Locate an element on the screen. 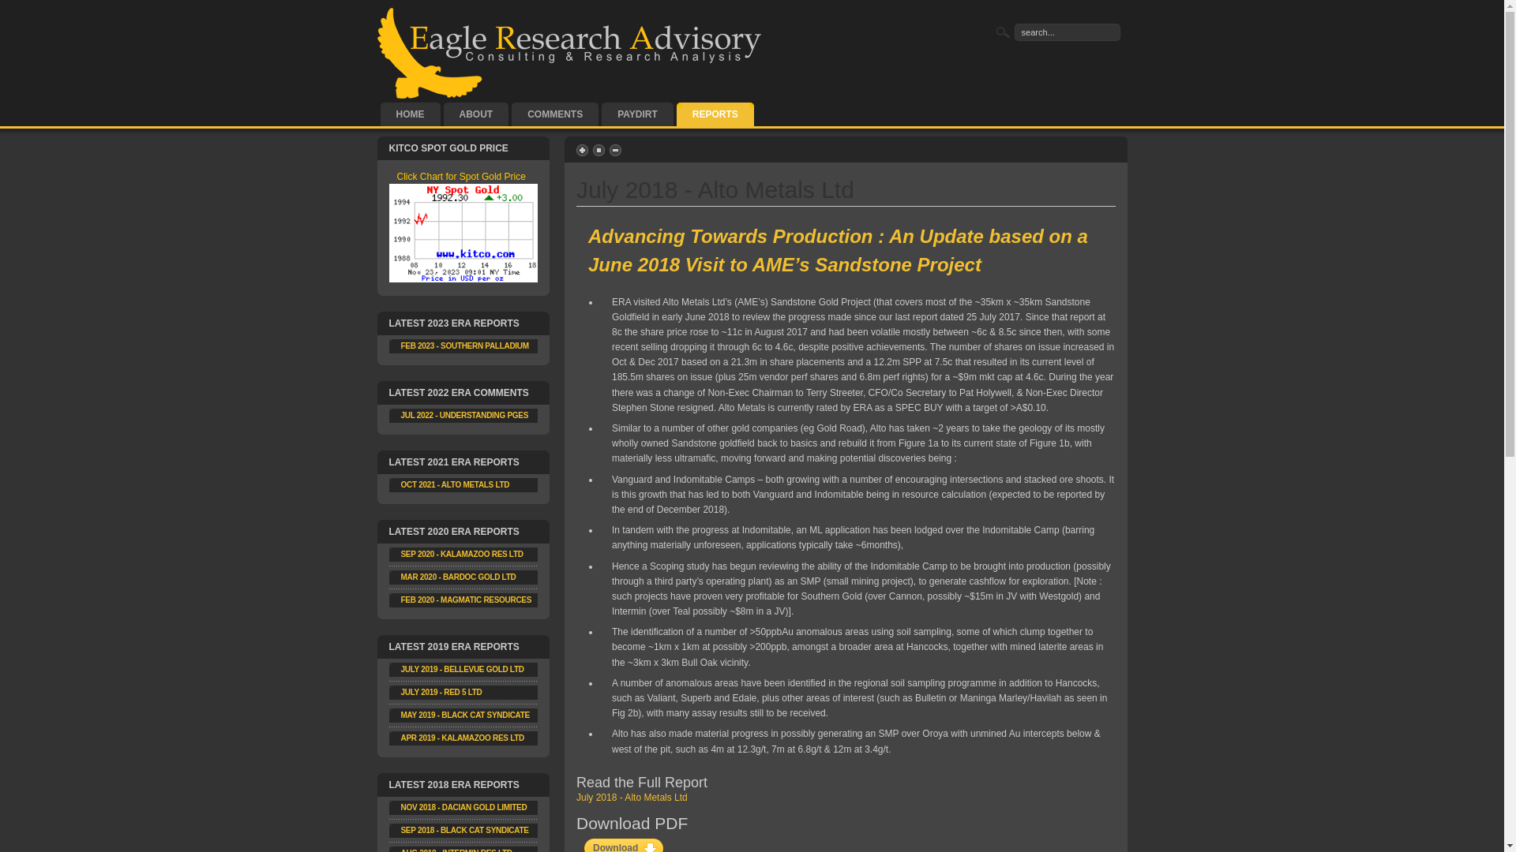 The height and width of the screenshot is (852, 1516). 'SEP 2018 - BLACK CAT SYNDICATE' is located at coordinates (464, 829).